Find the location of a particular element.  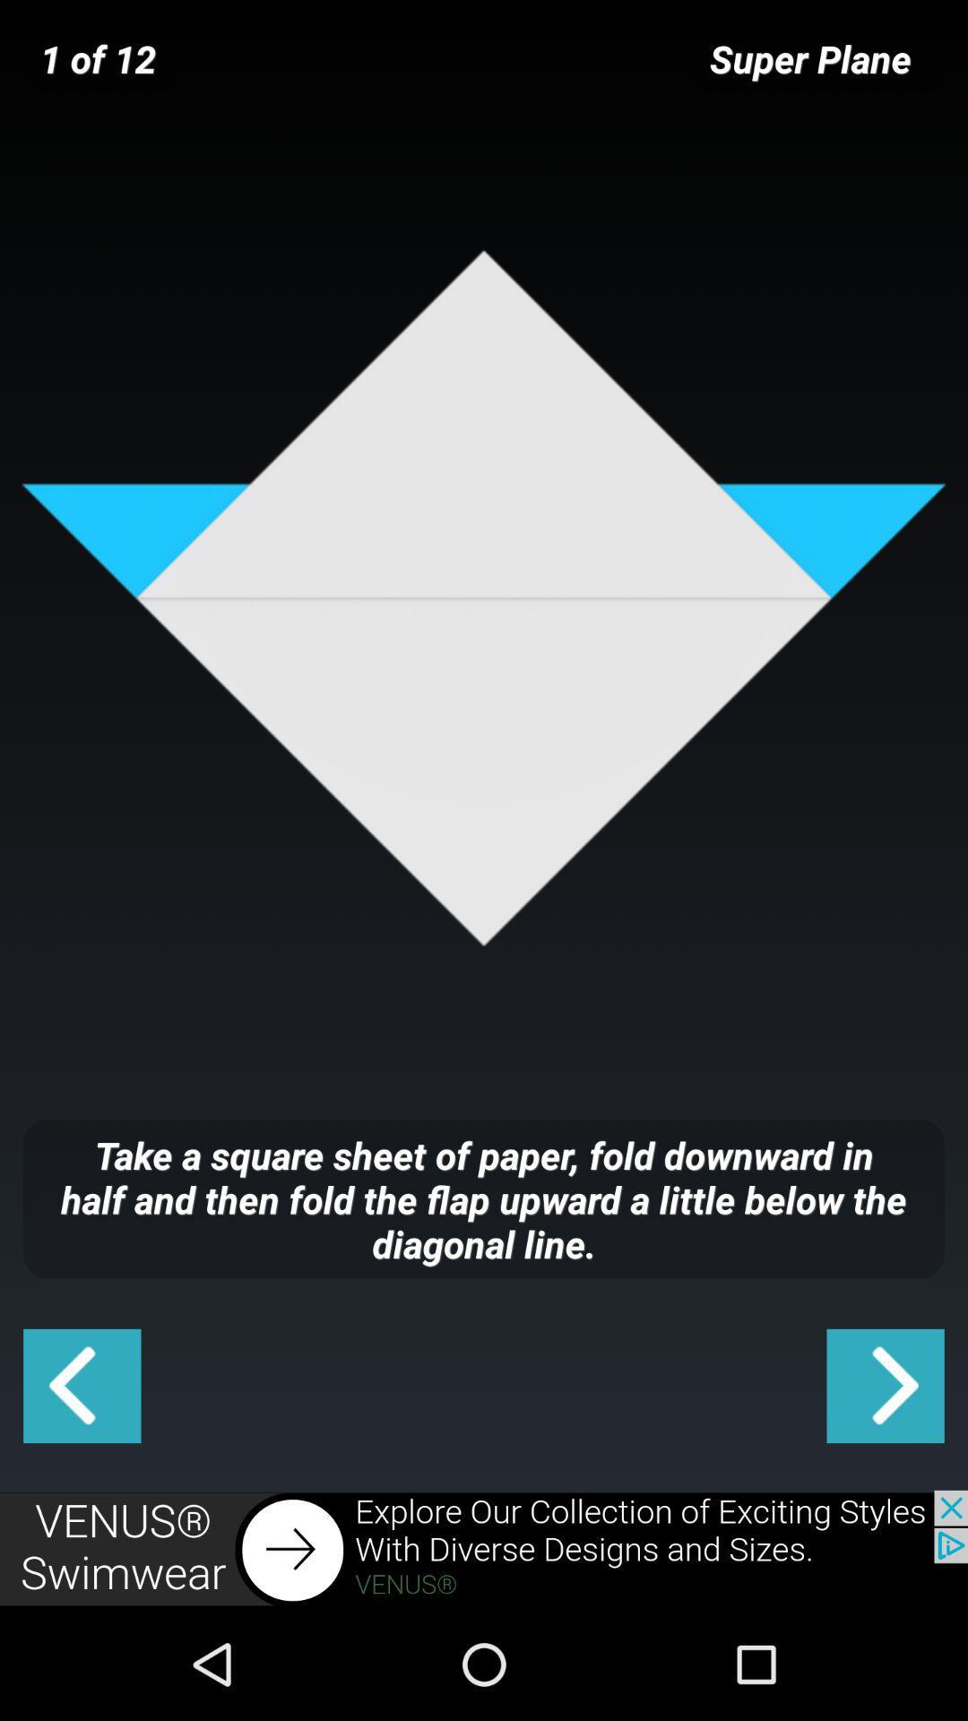

next step is located at coordinates (885, 1385).